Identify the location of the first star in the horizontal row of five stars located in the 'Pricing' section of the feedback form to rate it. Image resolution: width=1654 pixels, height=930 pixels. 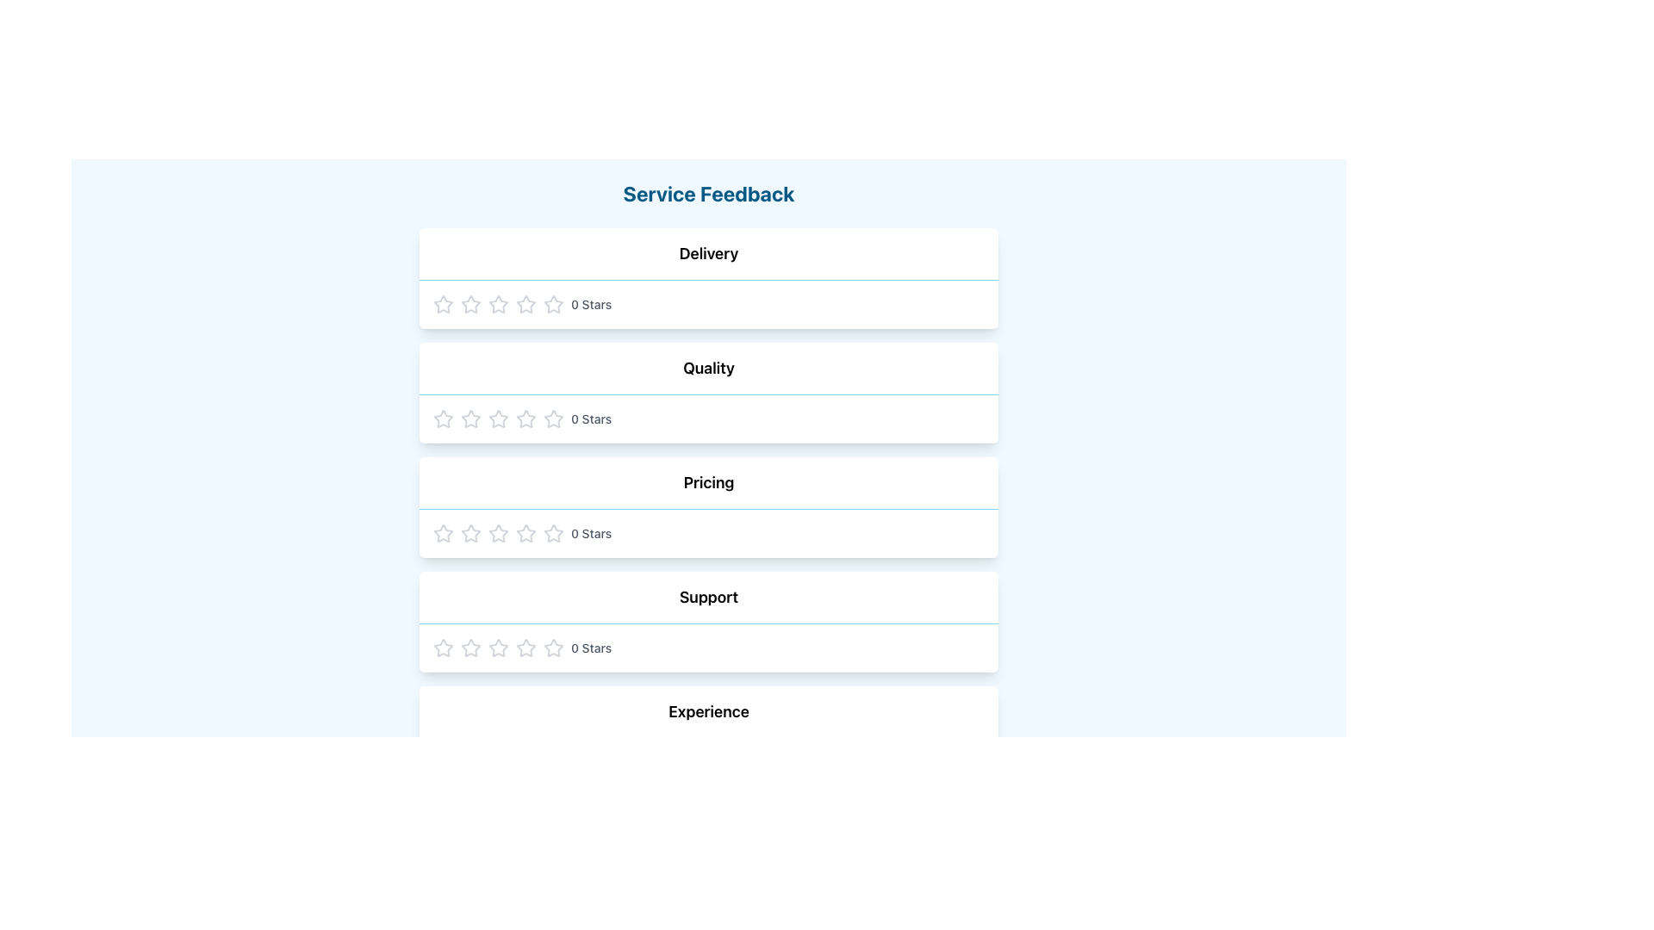
(443, 533).